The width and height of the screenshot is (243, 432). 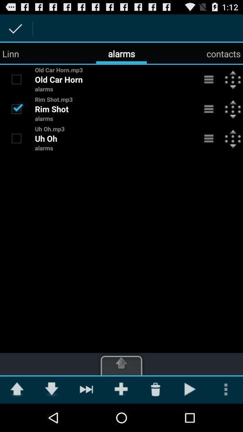 What do you see at coordinates (209, 108) in the screenshot?
I see `see menu option` at bounding box center [209, 108].